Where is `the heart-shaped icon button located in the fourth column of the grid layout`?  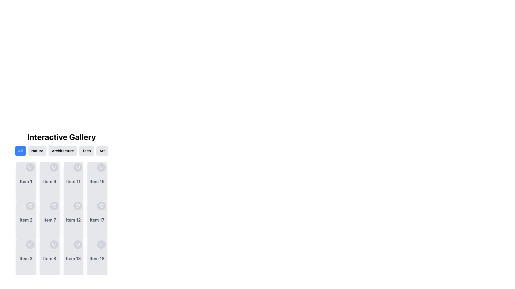 the heart-shaped icon button located in the fourth column of the grid layout is located at coordinates (101, 245).